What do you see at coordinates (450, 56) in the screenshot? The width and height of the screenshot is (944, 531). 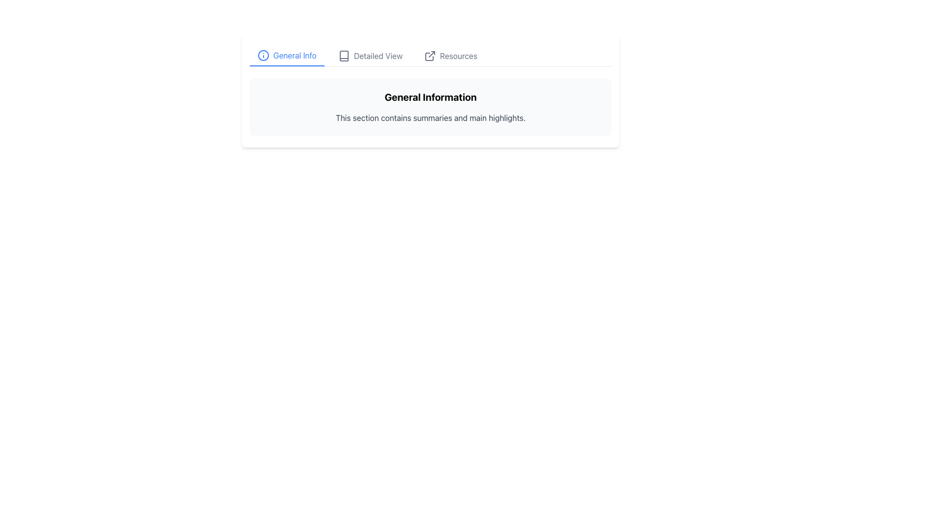 I see `the 'Resources' Tab with Icon` at bounding box center [450, 56].